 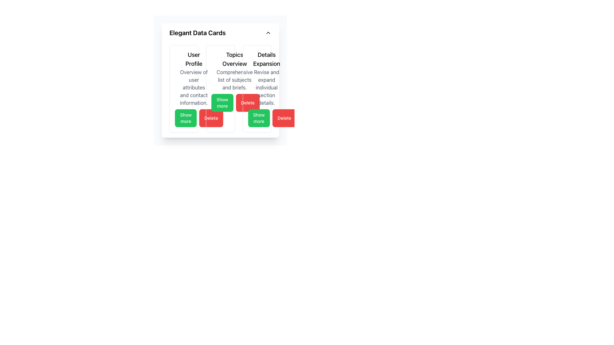 I want to click on the green button labeled 'Show more' located at the bottom right of the 'Details Expansion' card, so click(x=257, y=118).